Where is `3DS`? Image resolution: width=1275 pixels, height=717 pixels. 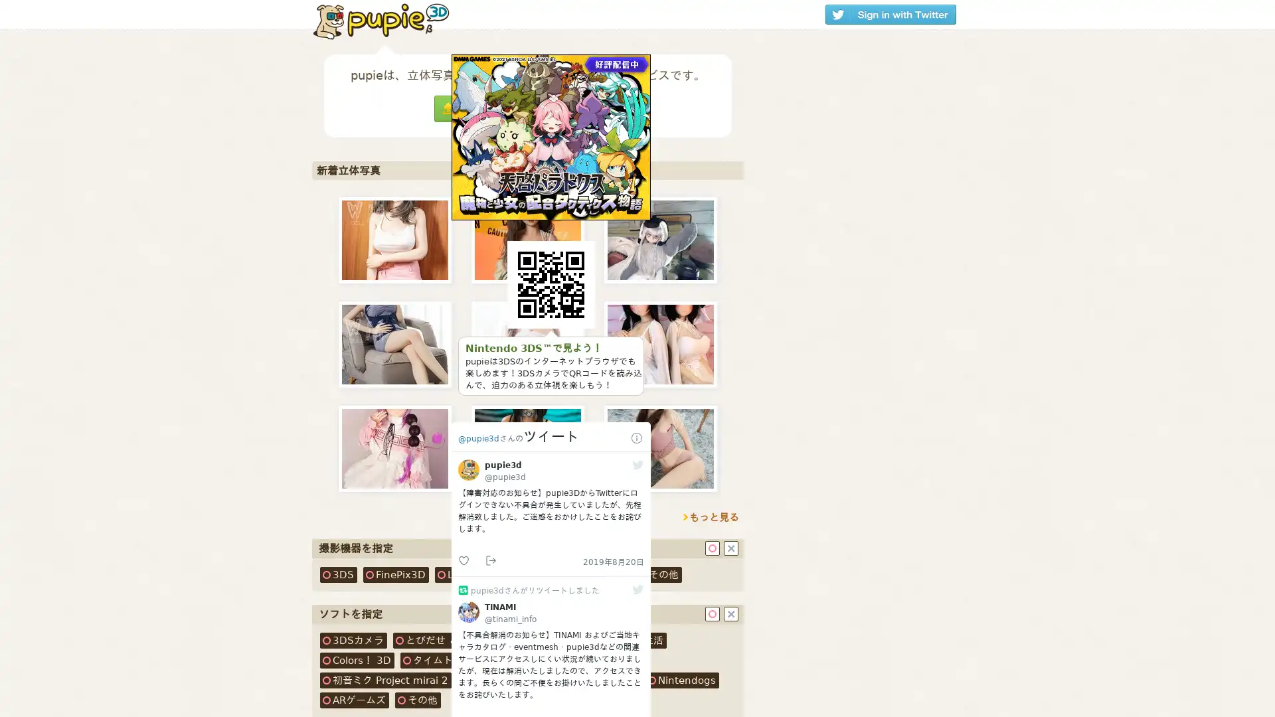 3DS is located at coordinates (353, 639).